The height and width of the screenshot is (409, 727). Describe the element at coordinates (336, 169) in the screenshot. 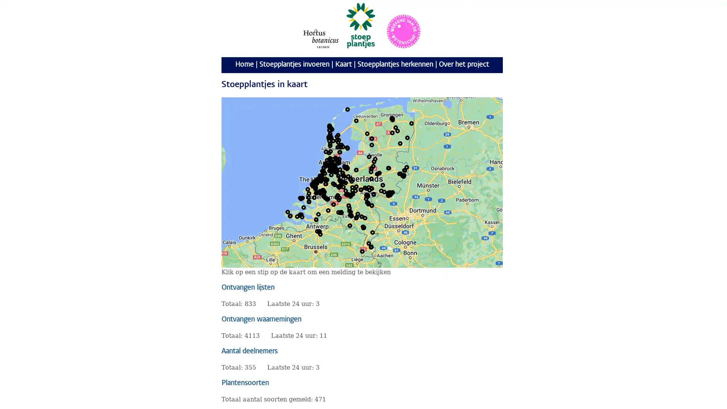

I see `Telling van yvonne op 22 oktober 2021` at that location.